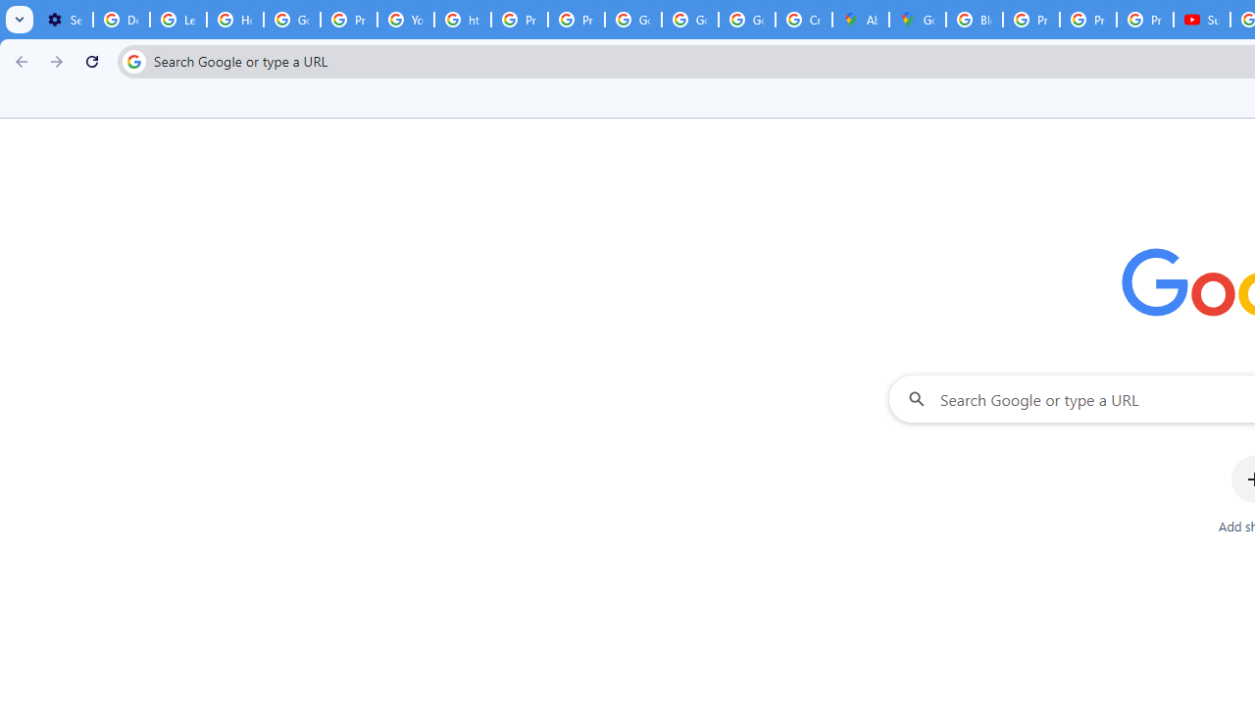  I want to click on 'Delete photos & videos - Computer - Google Photos Help', so click(121, 20).